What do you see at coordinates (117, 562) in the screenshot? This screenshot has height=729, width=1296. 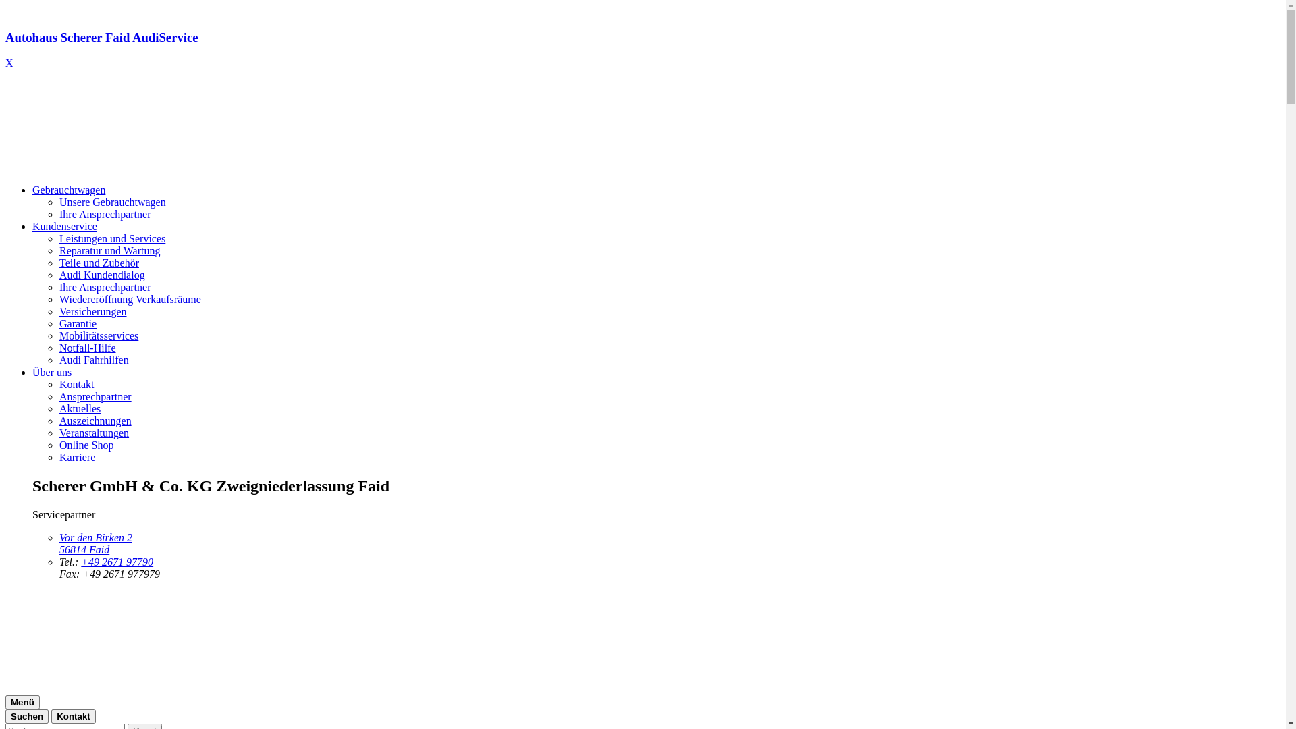 I see `'+49 2671 97790'` at bounding box center [117, 562].